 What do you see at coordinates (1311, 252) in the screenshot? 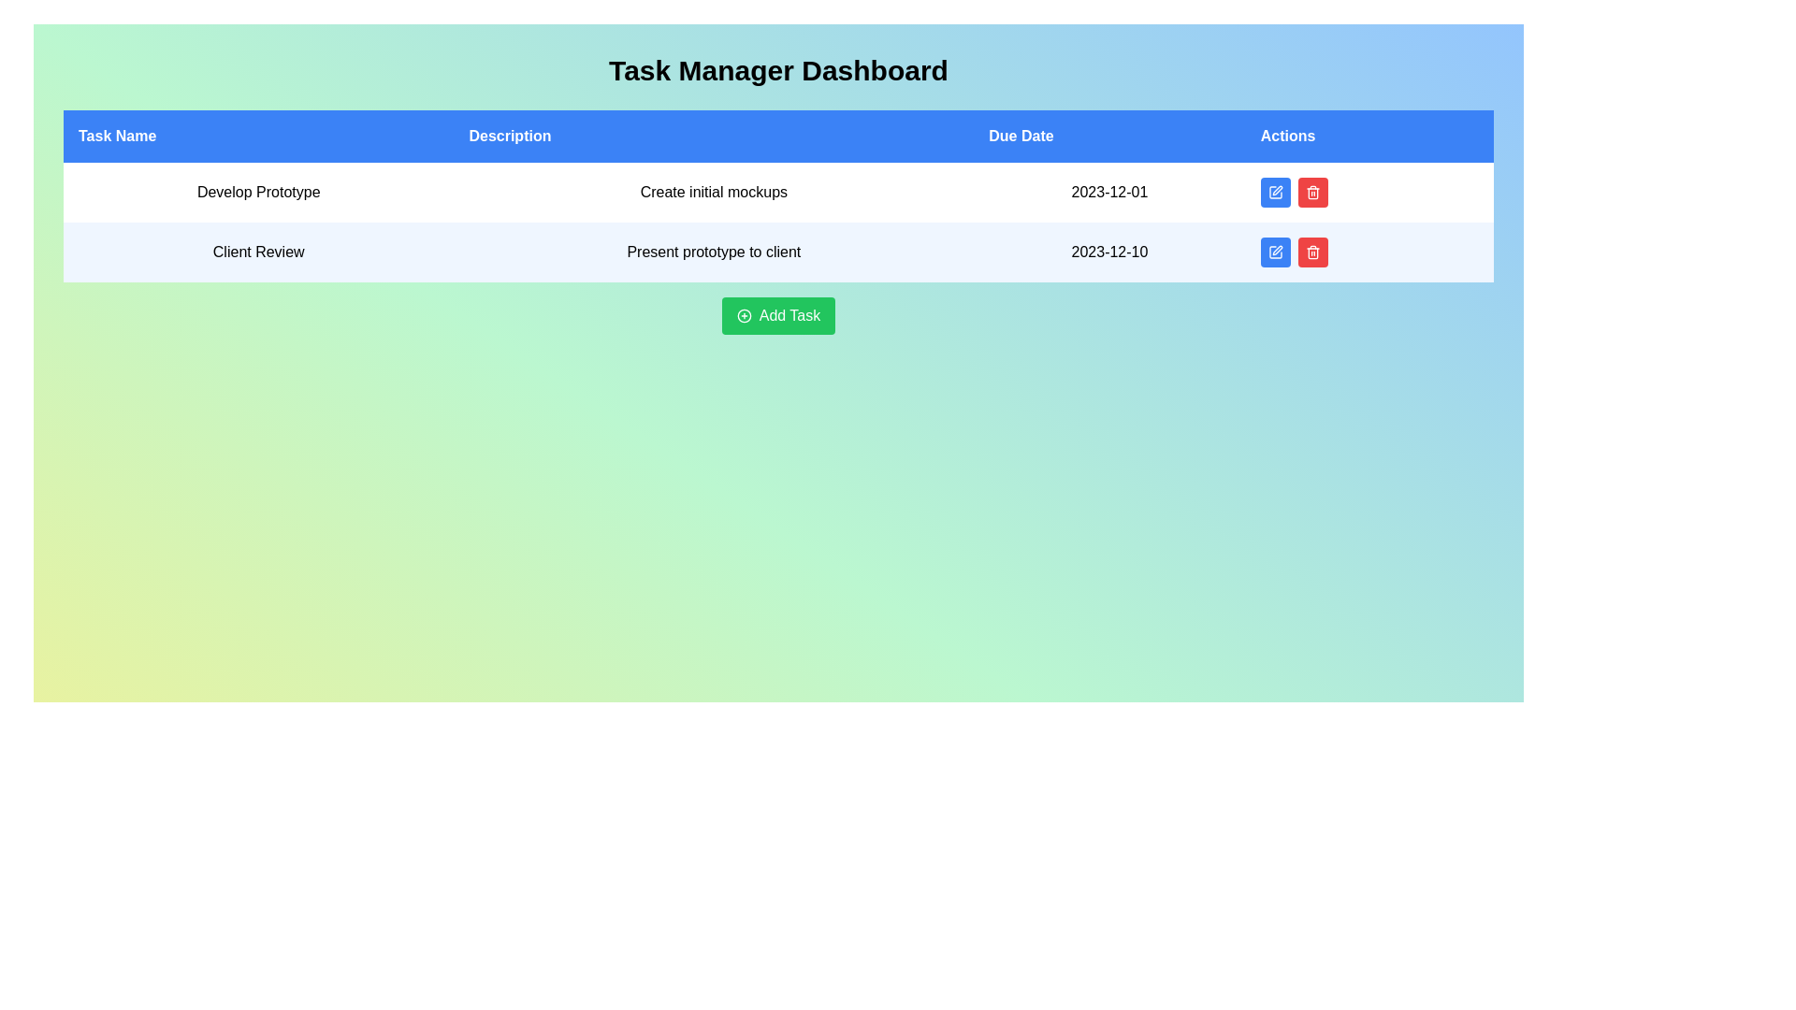
I see `the delete icon button located in the second row of the 'Actions' column of the task management table to initiate the deletion process` at bounding box center [1311, 252].